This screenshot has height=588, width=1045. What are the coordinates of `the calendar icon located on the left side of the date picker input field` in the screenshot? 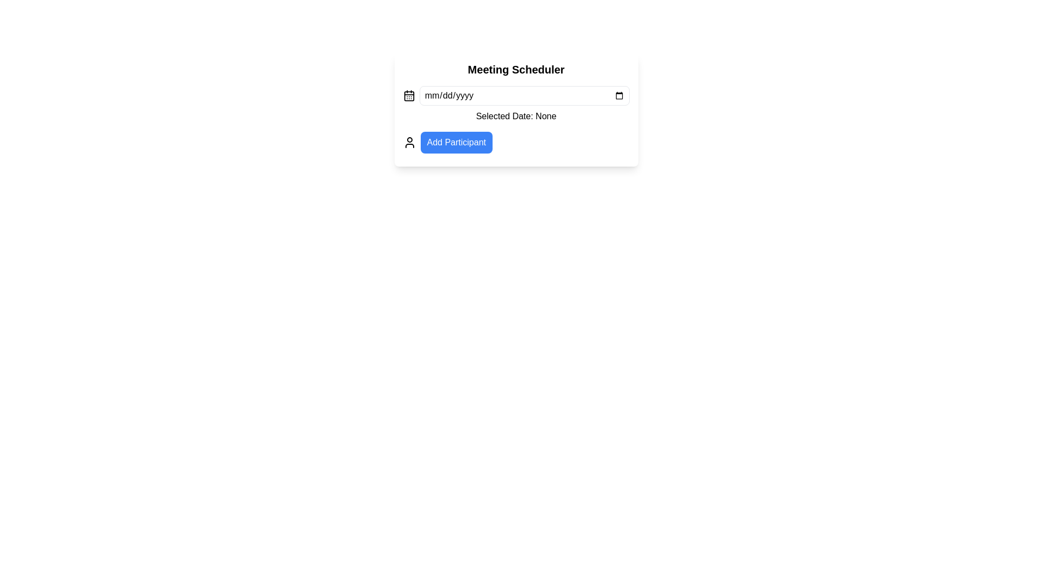 It's located at (408, 95).